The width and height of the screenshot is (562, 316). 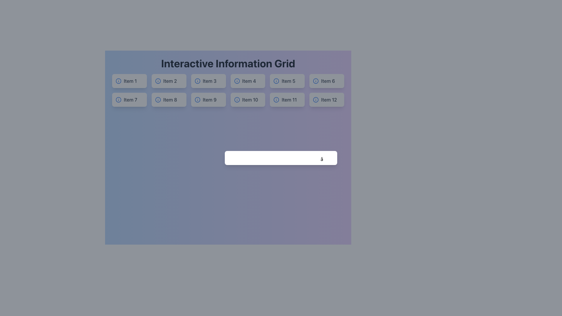 I want to click on the circular SVG component that is part of the 'info' icon located within the third button labeled 'Item 3' in the 'Interactive Information Grid', so click(x=197, y=81).